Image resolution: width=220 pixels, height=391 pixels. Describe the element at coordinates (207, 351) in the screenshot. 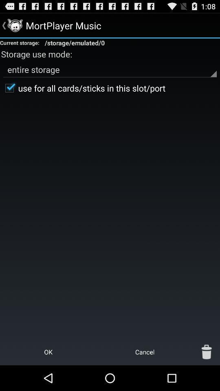

I see `delete` at that location.